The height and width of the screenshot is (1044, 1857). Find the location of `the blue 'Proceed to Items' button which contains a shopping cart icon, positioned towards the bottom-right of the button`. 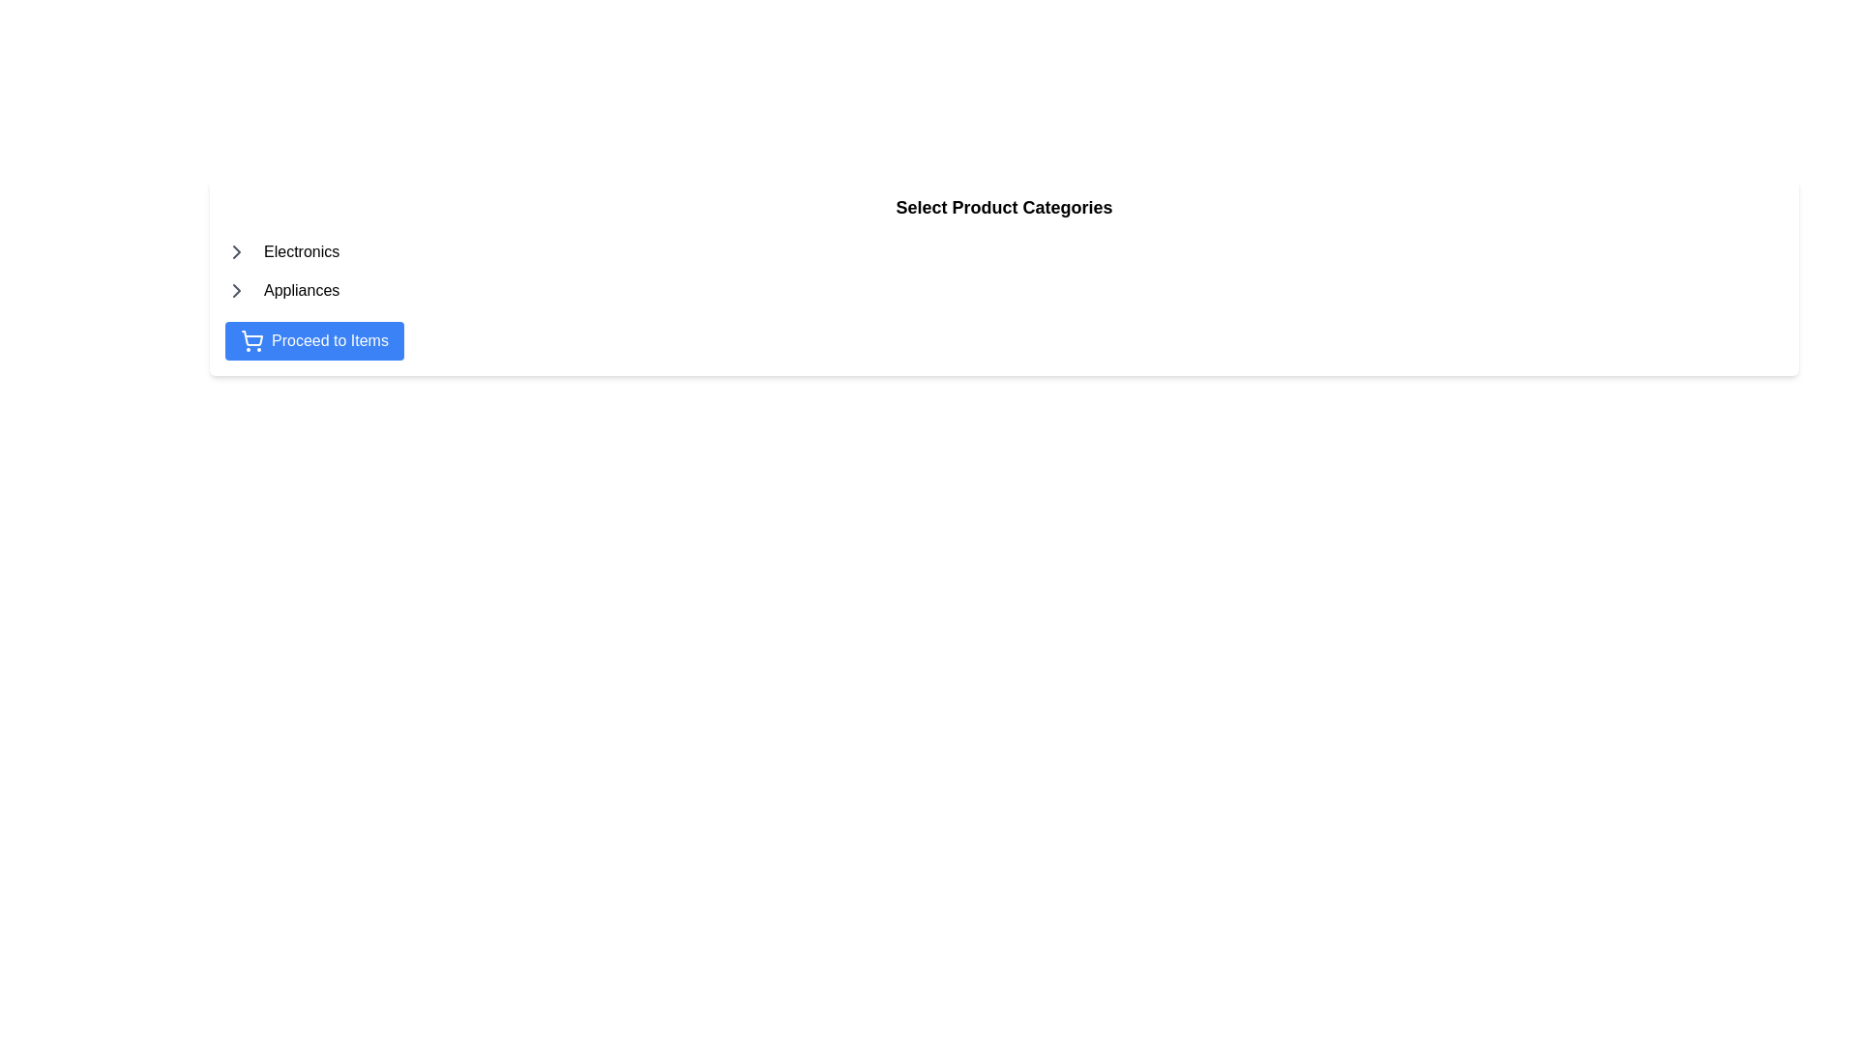

the blue 'Proceed to Items' button which contains a shopping cart icon, positioned towards the bottom-right of the button is located at coordinates (251, 337).